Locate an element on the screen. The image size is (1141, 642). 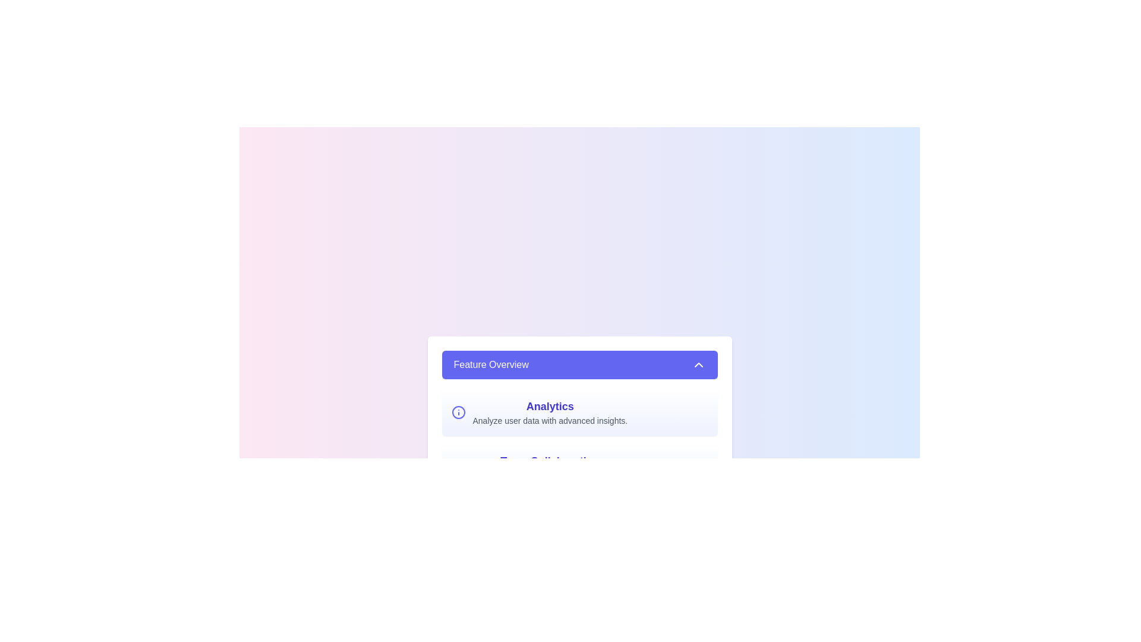
the descriptive subtitle text for the 'Analytics' section is located at coordinates (549, 420).